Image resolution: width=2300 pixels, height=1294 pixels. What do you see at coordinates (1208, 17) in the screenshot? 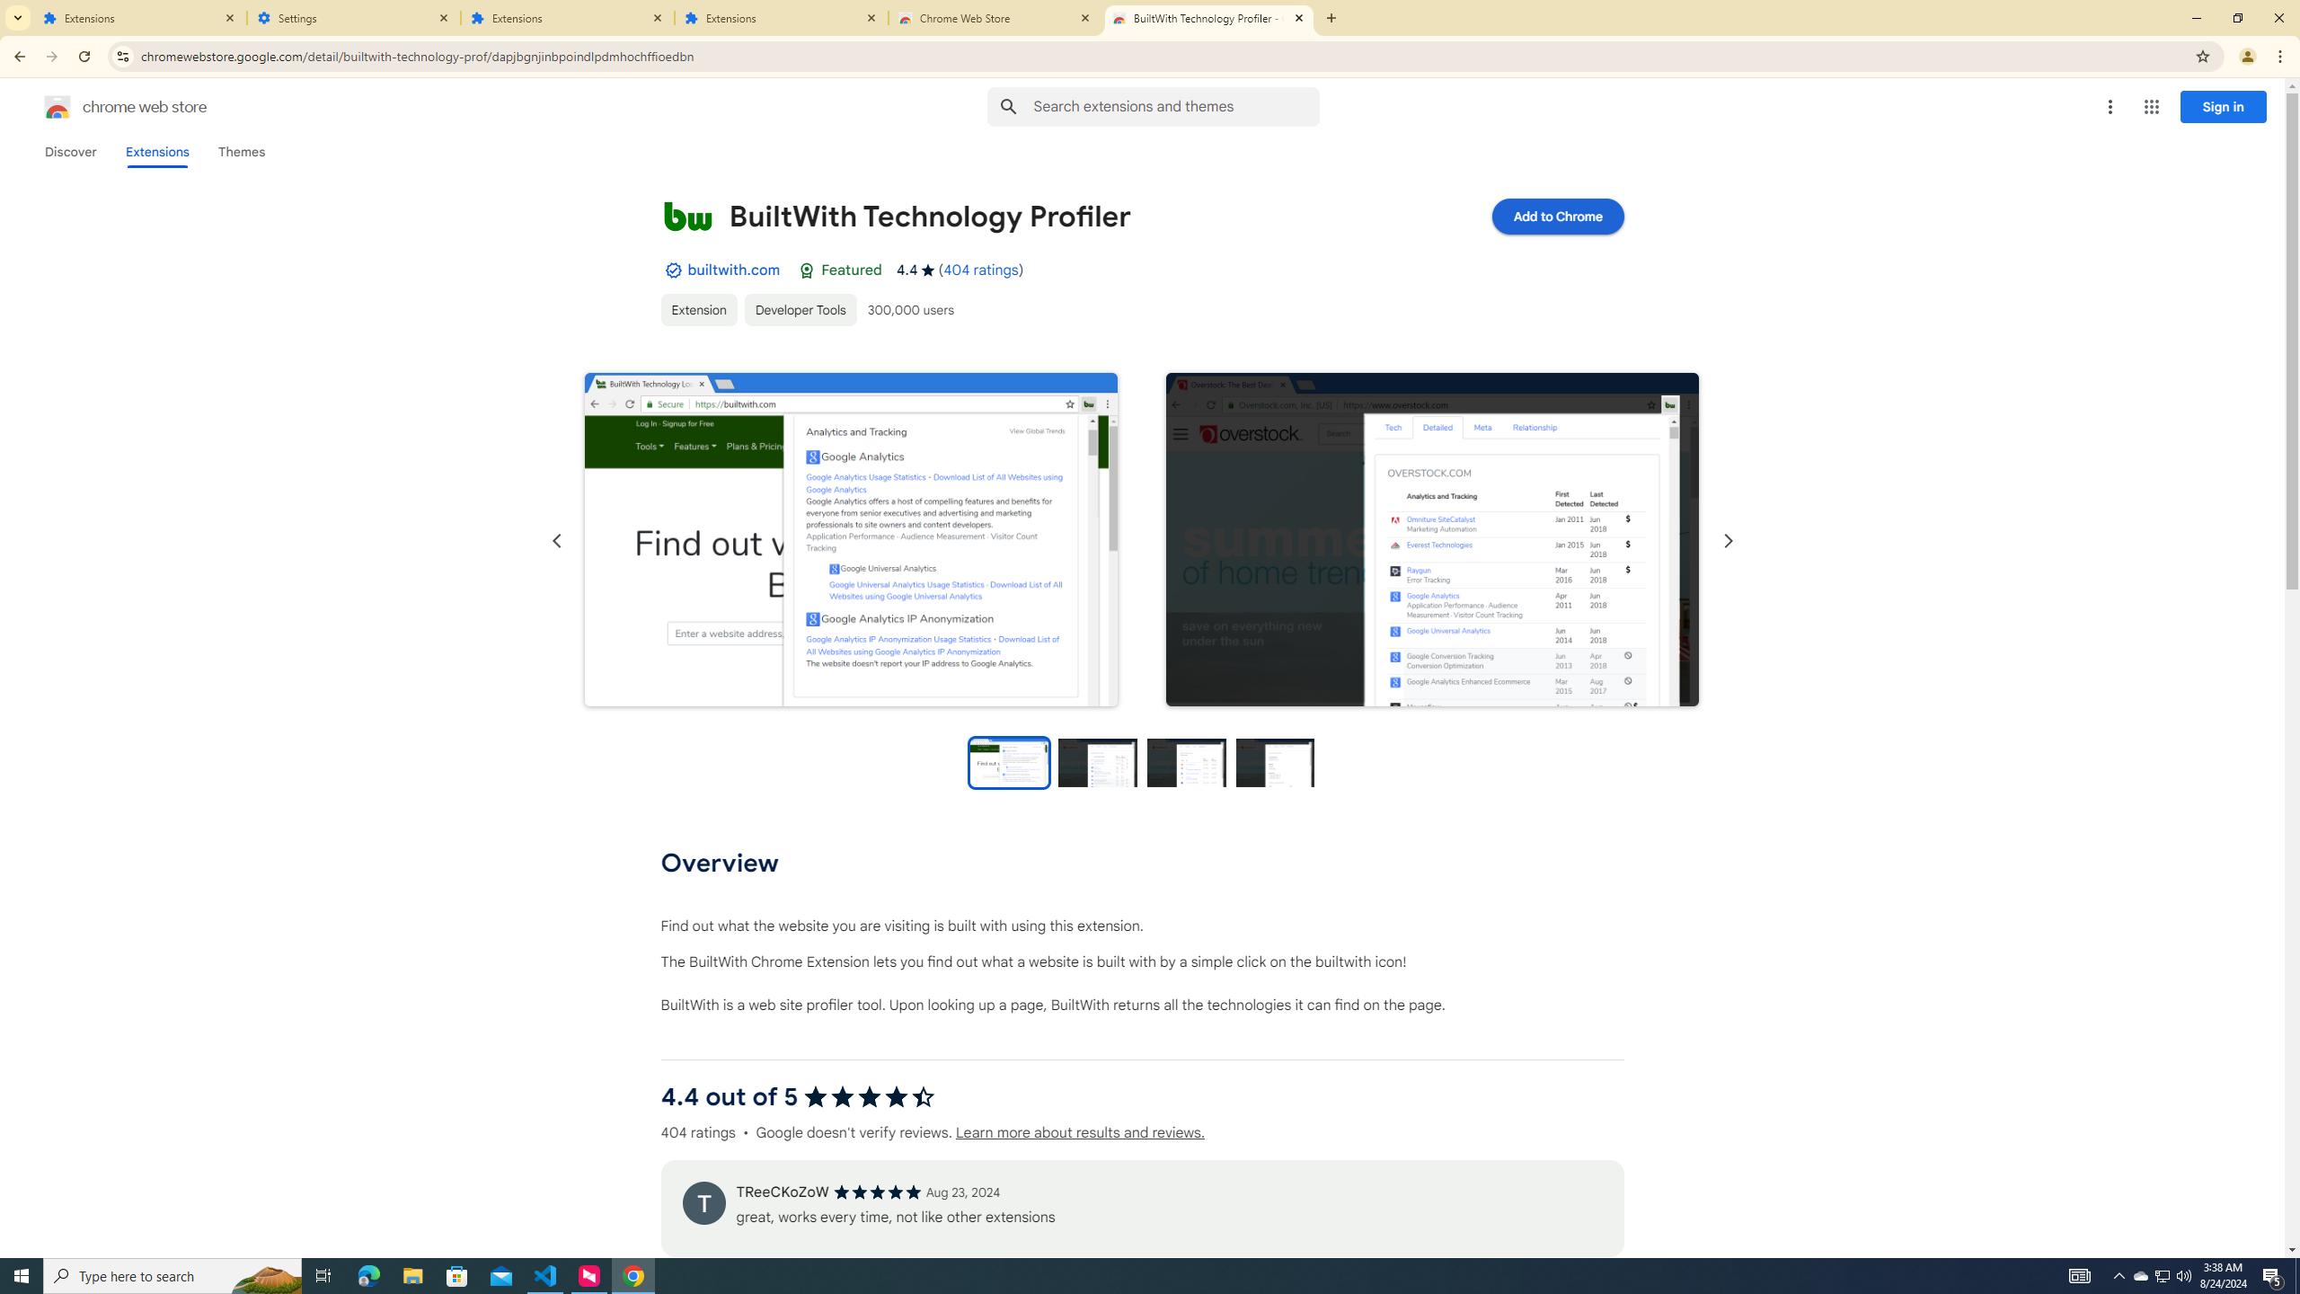
I see `'BuiltWith Technology Profiler - Chrome Web Store'` at bounding box center [1208, 17].